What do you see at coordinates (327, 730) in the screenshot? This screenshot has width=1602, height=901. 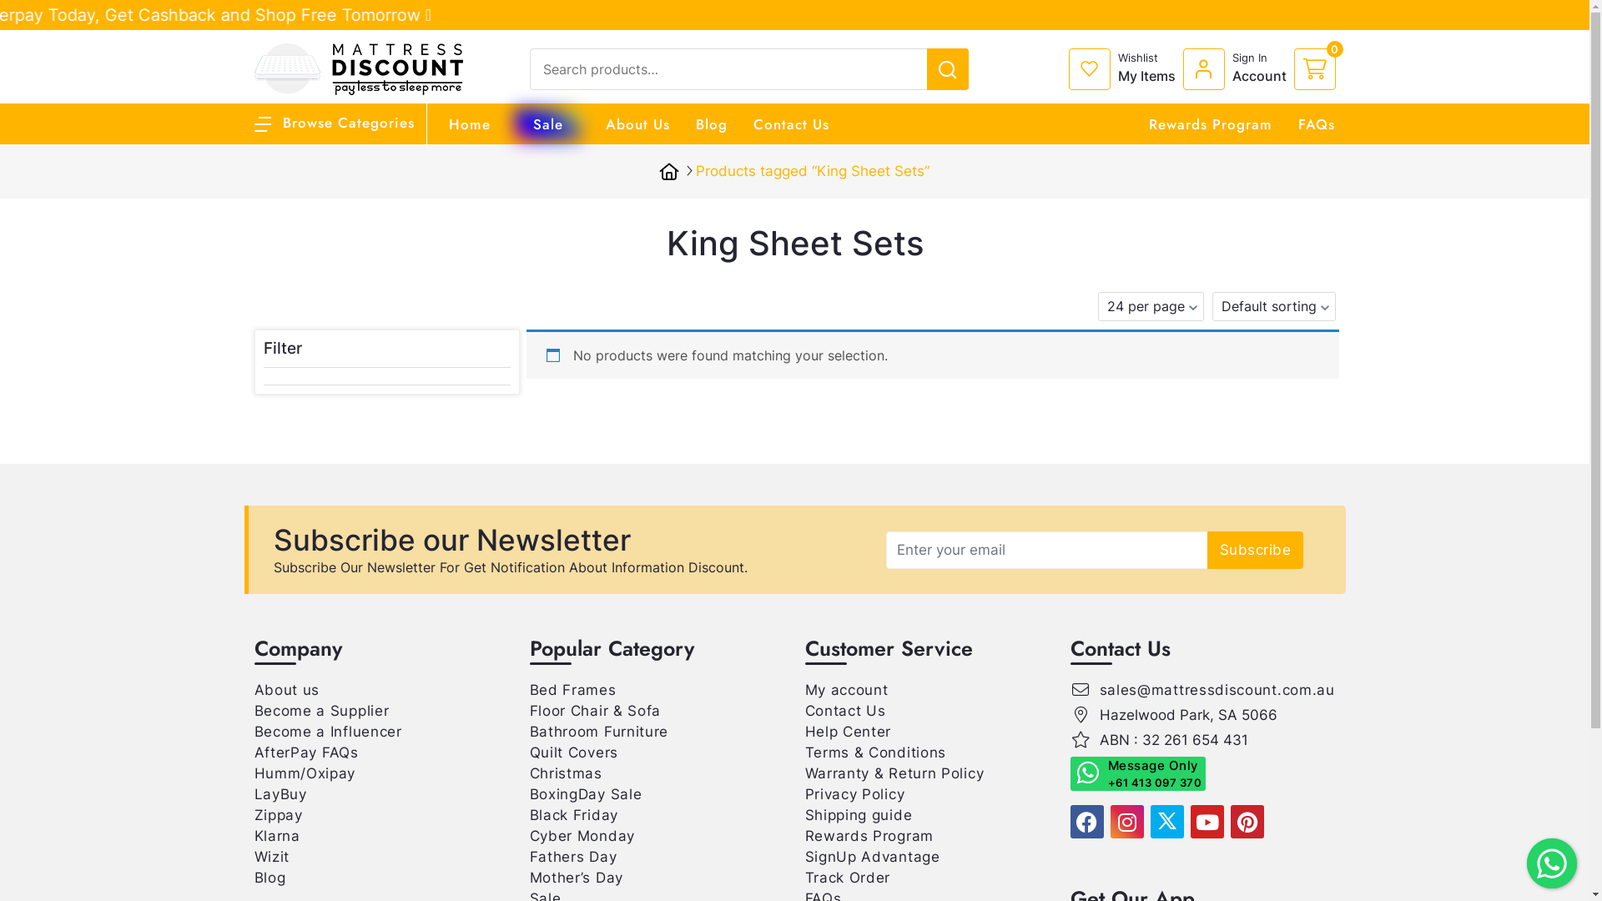 I see `'Become a Influencer'` at bounding box center [327, 730].